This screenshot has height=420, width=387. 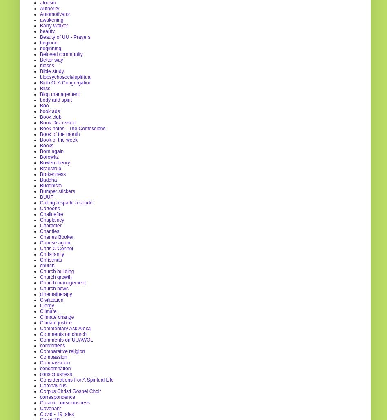 What do you see at coordinates (54, 242) in the screenshot?
I see `'Choose again'` at bounding box center [54, 242].